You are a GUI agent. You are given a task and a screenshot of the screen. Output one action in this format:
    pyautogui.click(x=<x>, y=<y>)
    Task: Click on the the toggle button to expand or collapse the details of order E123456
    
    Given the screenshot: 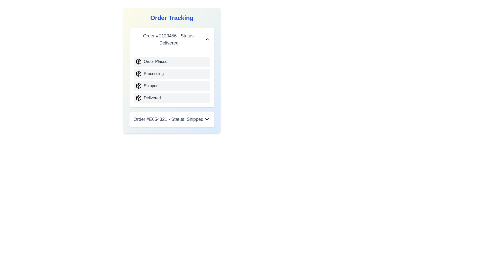 What is the action you would take?
    pyautogui.click(x=207, y=39)
    